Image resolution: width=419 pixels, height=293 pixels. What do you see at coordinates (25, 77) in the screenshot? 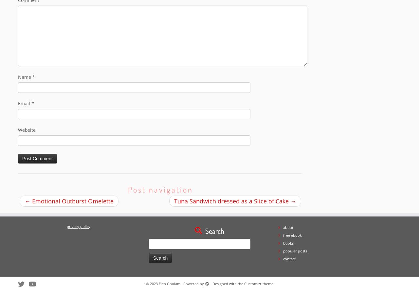
I see `'Name'` at bounding box center [25, 77].